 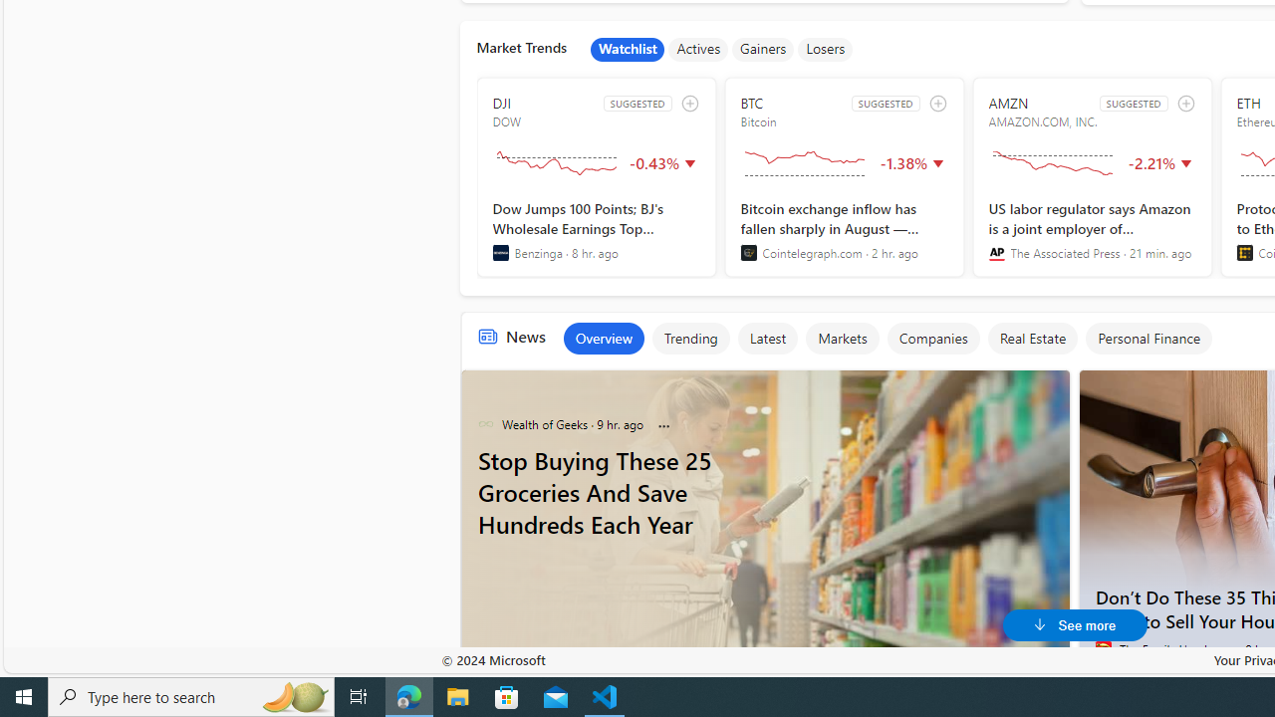 I want to click on 'Latest', so click(x=766, y=337).